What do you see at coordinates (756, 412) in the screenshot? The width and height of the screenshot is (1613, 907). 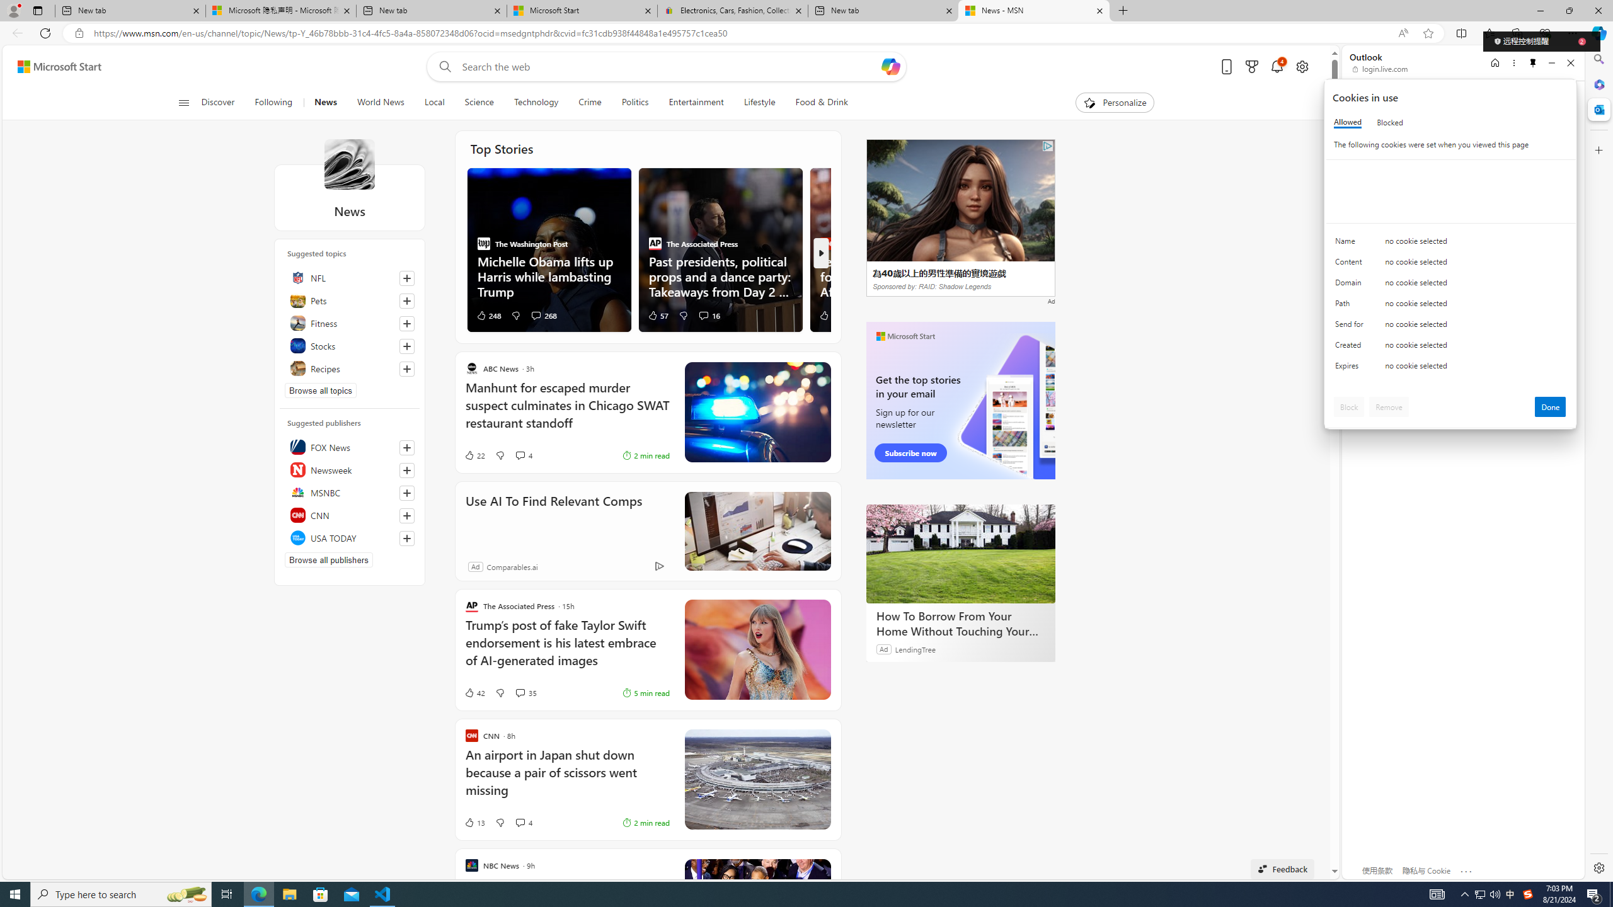 I see `'Police lights on a street at night.'` at bounding box center [756, 412].